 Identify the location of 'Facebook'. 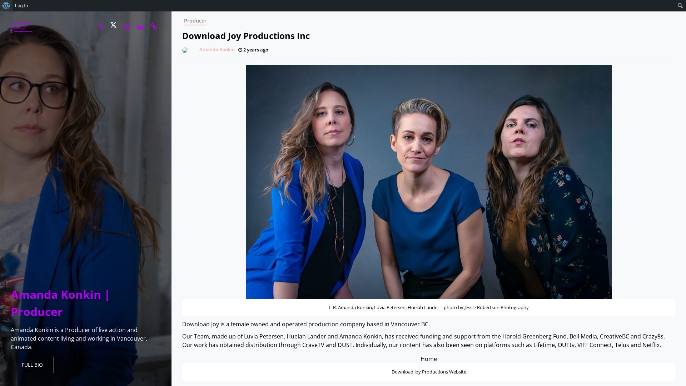
(95, 26).